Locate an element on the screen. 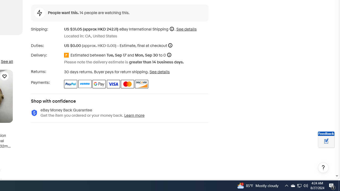 The image size is (340, 191). 'Leave feedback about your eBay ViewItem experience' is located at coordinates (326, 141).